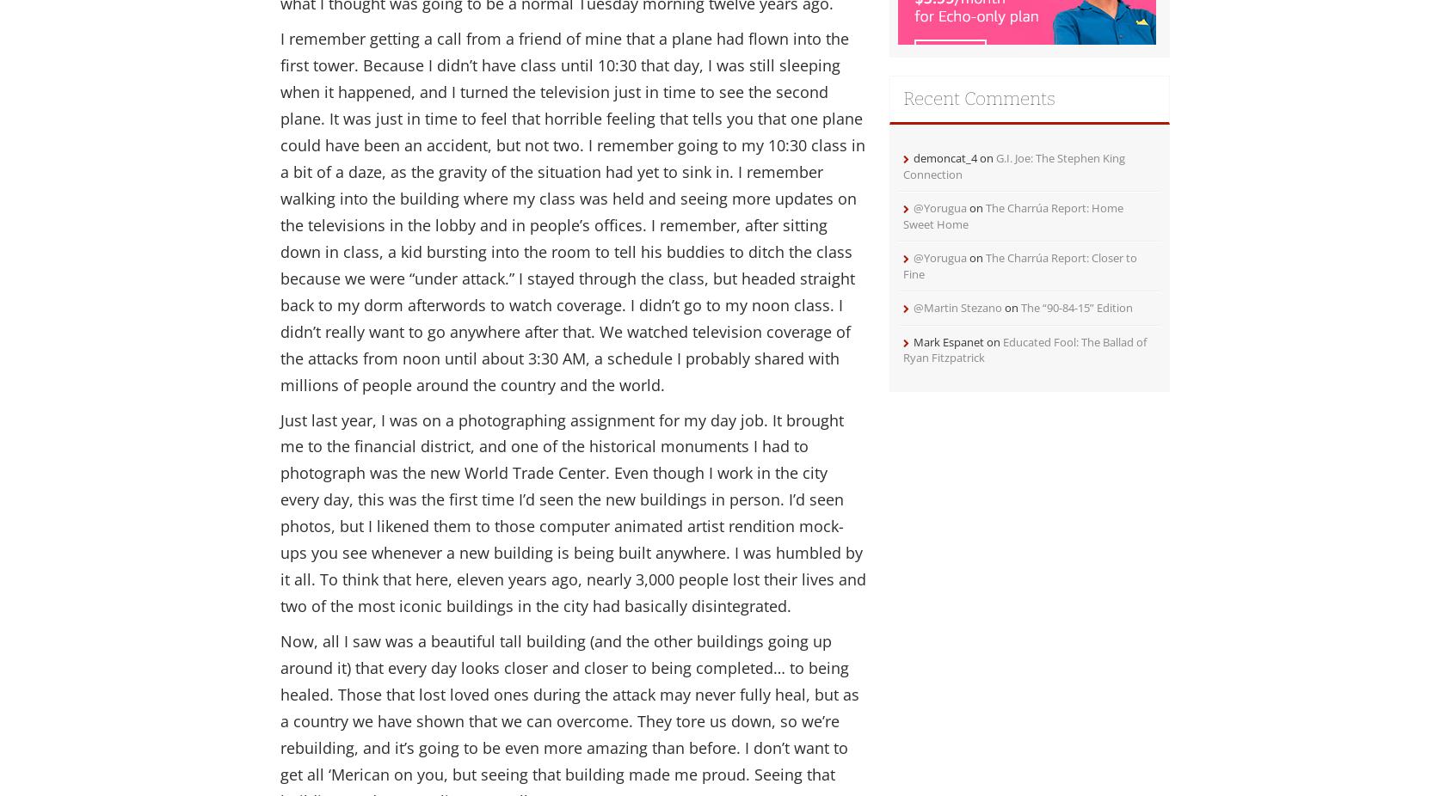 The image size is (1446, 796). What do you see at coordinates (571, 511) in the screenshot?
I see `'Just last year, I was on a photographing assignment for my day job. It brought me to the financial district, and one of the historical monuments I had to photograph was the new World Trade Center. Even though I work in the city every day, this was the first time I’d seen the new buildings in person. I’d seen photos, but I likened them to those computer animated artist rendition mock-ups you see whenever a new building is being built anywhere. I was humbled by it all. To think that here, eleven years ago, nearly 3,000 people lost their lives and two of the most iconic buildings in the city had basically disintegrated.'` at bounding box center [571, 511].